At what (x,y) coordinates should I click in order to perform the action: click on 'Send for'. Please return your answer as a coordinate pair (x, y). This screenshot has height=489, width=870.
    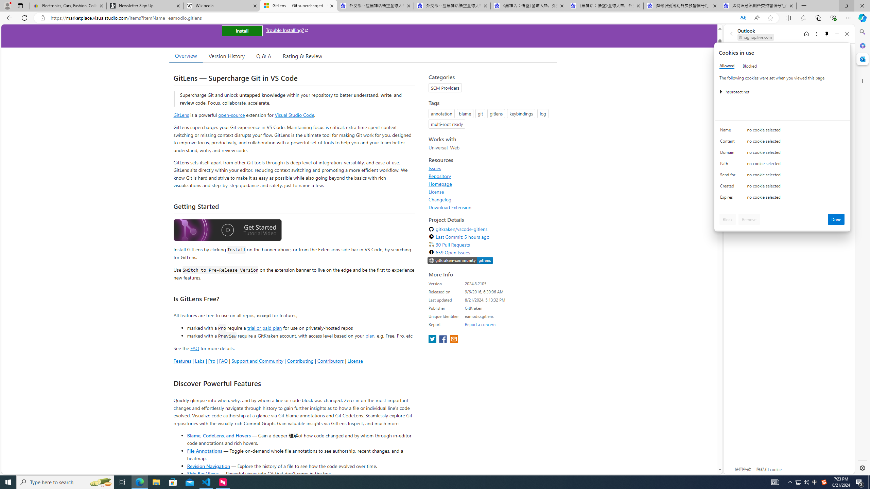
    Looking at the image, I should click on (729, 176).